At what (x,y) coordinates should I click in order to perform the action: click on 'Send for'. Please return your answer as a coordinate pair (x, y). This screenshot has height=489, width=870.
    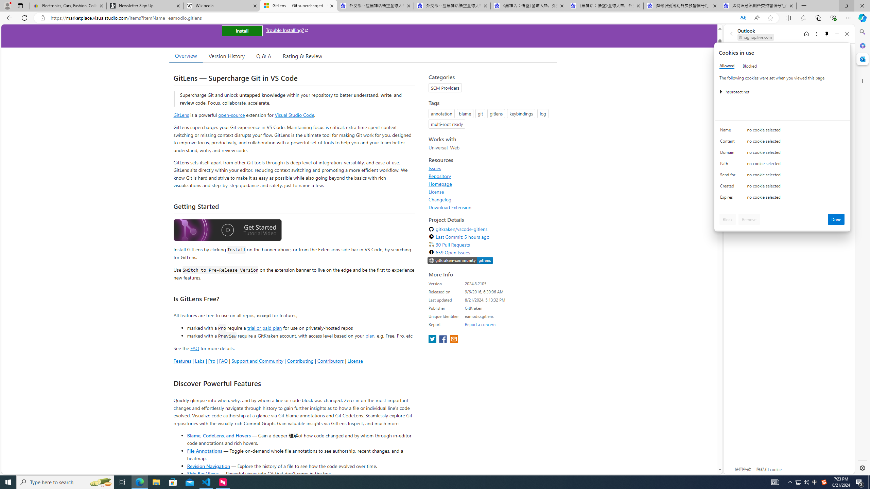
    Looking at the image, I should click on (729, 176).